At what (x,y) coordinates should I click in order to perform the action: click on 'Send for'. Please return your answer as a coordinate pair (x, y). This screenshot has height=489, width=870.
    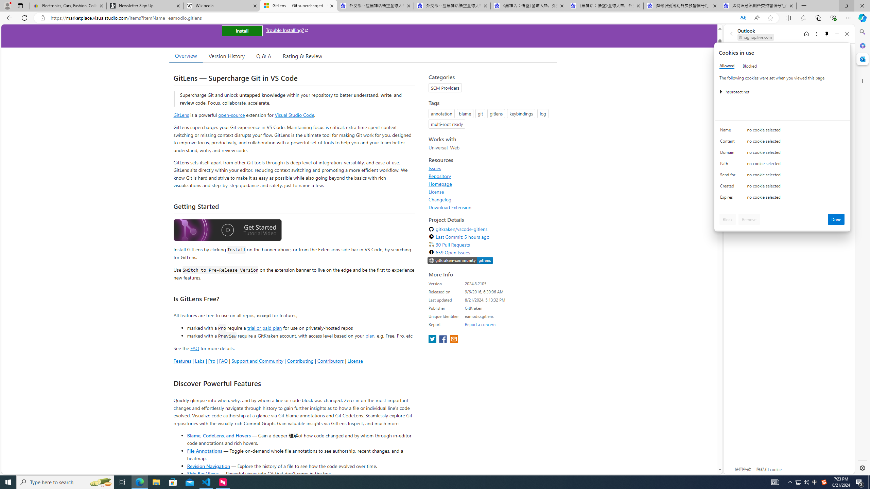
    Looking at the image, I should click on (729, 176).